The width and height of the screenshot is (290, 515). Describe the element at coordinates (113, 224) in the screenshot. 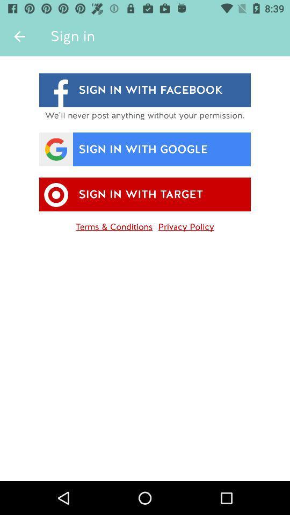

I see `item next to the privacy policy` at that location.